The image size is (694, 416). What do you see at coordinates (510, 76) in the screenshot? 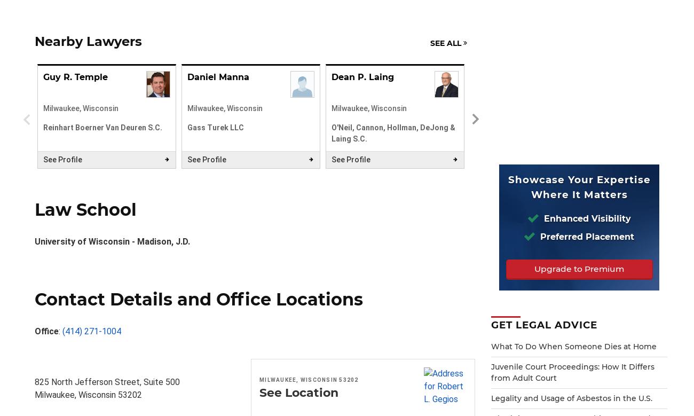
I see `'David B. Schulz'` at bounding box center [510, 76].